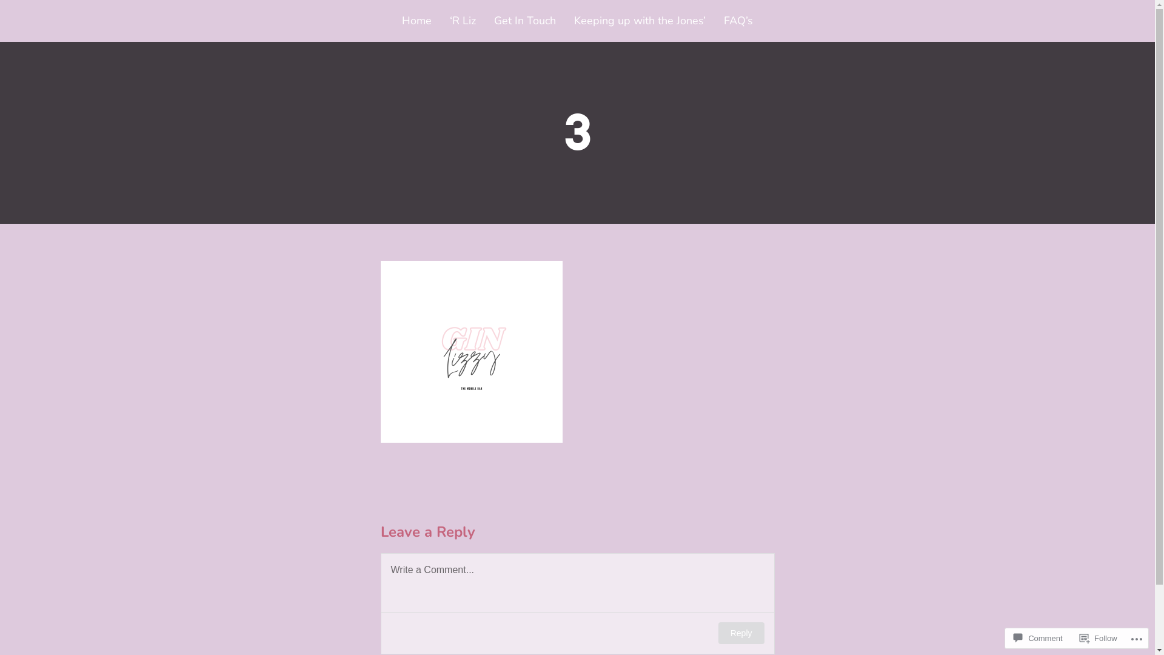 The width and height of the screenshot is (1164, 655). I want to click on 'Reply', so click(741, 633).